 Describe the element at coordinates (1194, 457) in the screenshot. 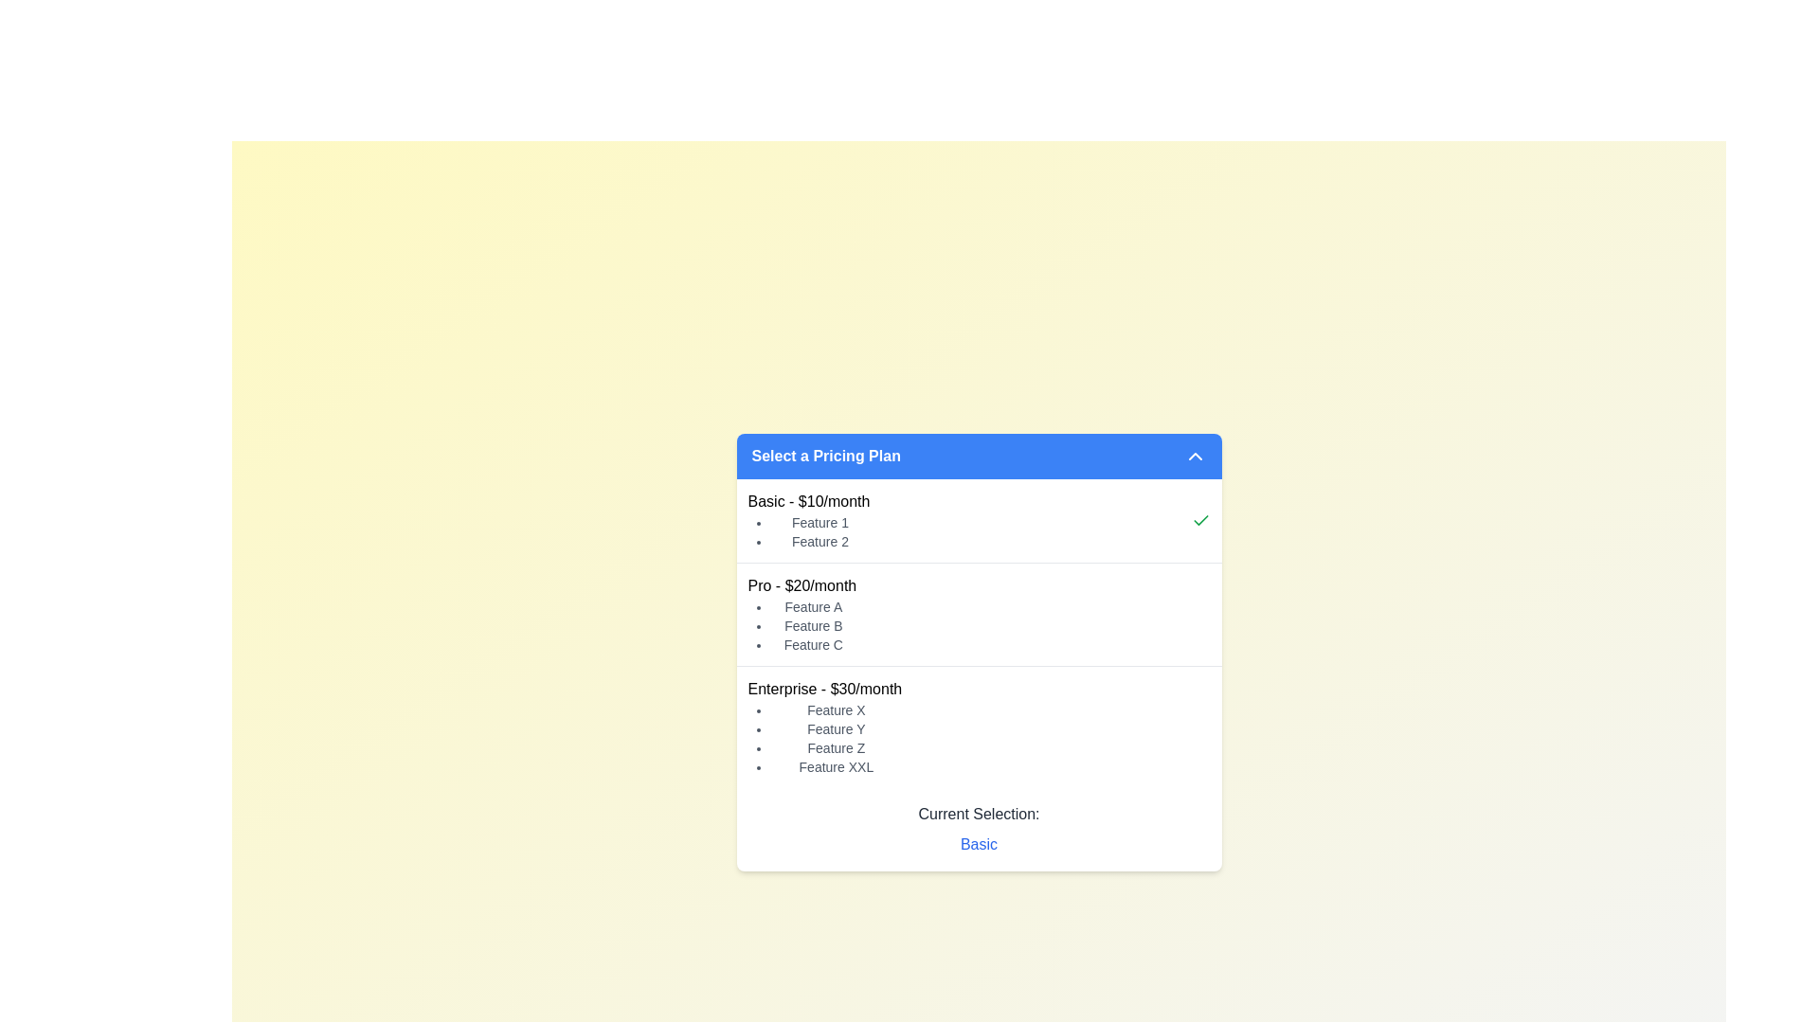

I see `the toggle Icon Button on the far right of the header bar titled 'Select a Pricing Plan'` at that location.